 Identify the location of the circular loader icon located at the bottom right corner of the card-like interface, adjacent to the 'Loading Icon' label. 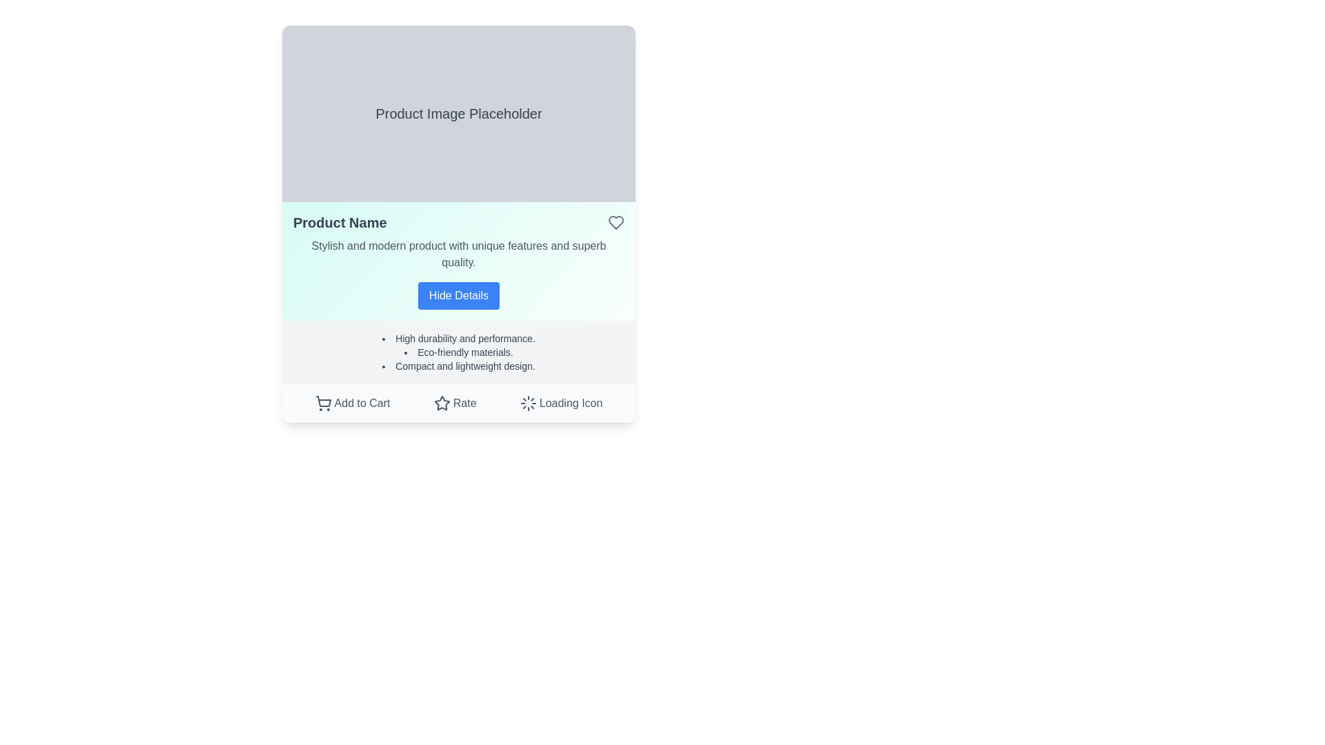
(527, 404).